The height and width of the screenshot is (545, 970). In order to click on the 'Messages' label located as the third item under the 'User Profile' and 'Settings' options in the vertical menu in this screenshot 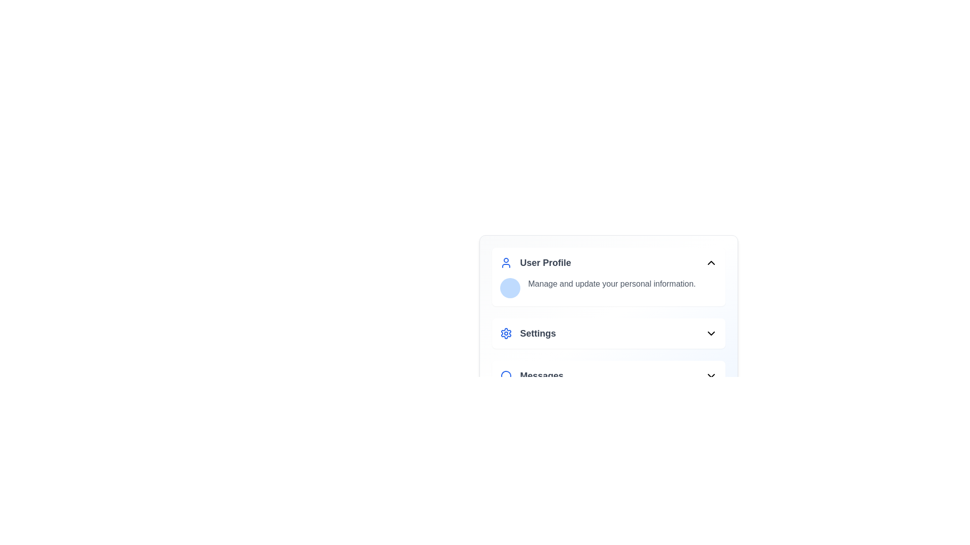, I will do `click(541, 375)`.